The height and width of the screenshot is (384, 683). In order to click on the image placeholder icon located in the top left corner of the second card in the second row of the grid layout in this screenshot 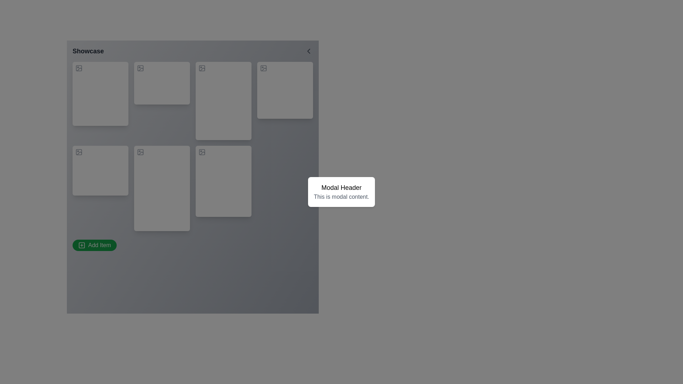, I will do `click(79, 152)`.